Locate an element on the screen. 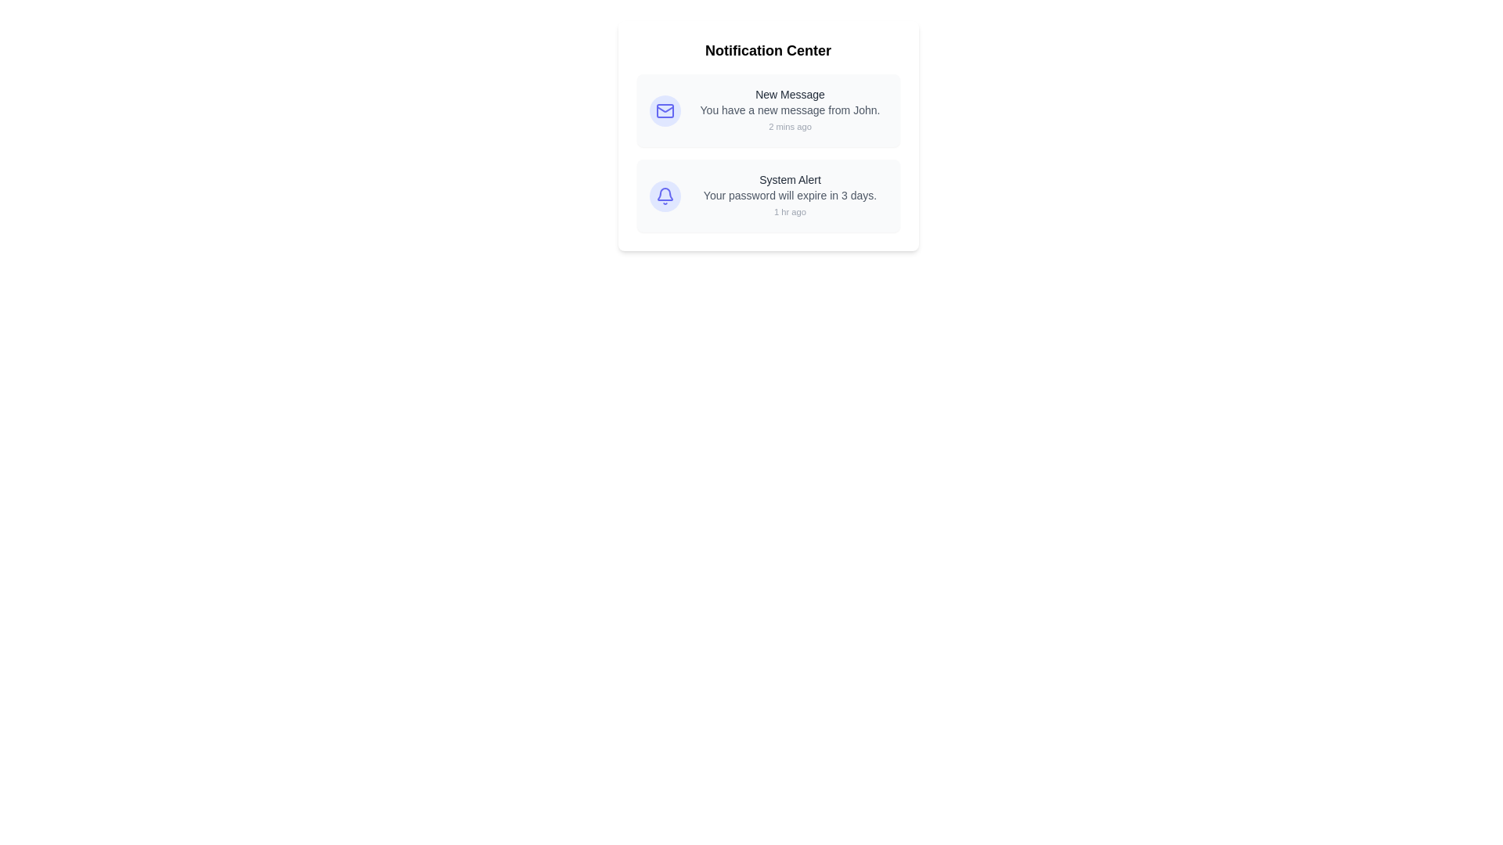 Image resolution: width=1503 pixels, height=845 pixels. the second notification item in the Notification Center, which displays 'System Alert' as the header and 'Your password will expire in 3 days.' as the message is located at coordinates (790, 195).